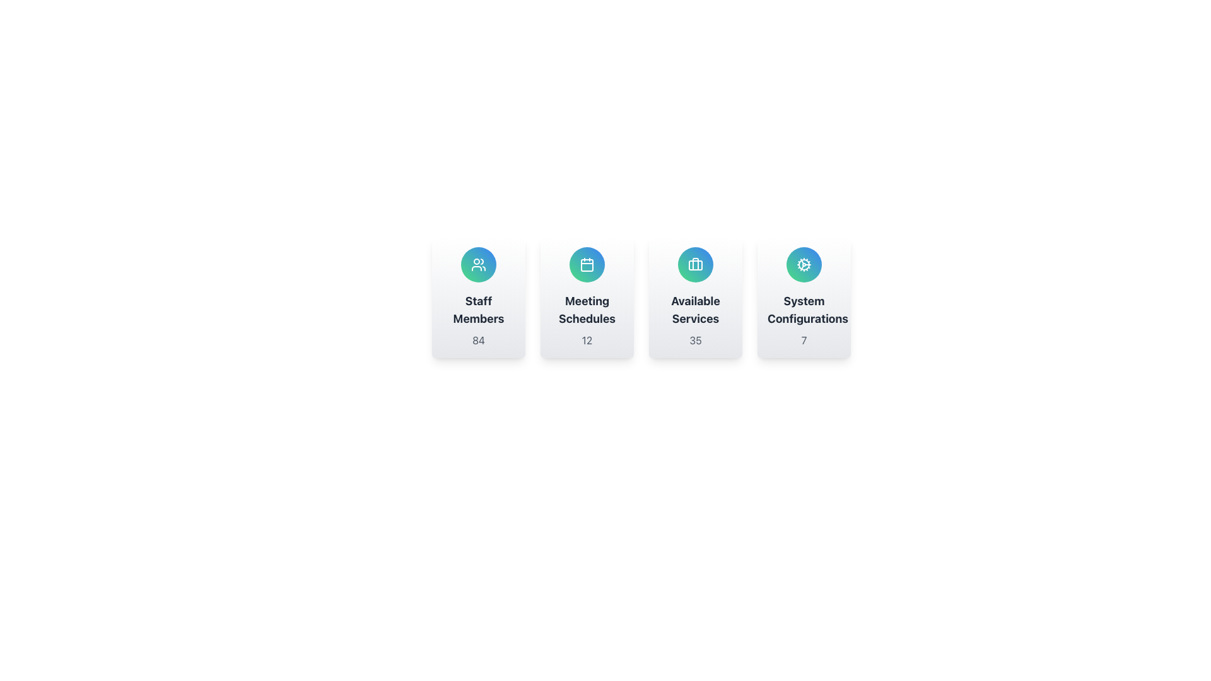  What do you see at coordinates (695, 264) in the screenshot?
I see `the vertical rectangular icon associated with 'Available Services' located in the third card of the row` at bounding box center [695, 264].